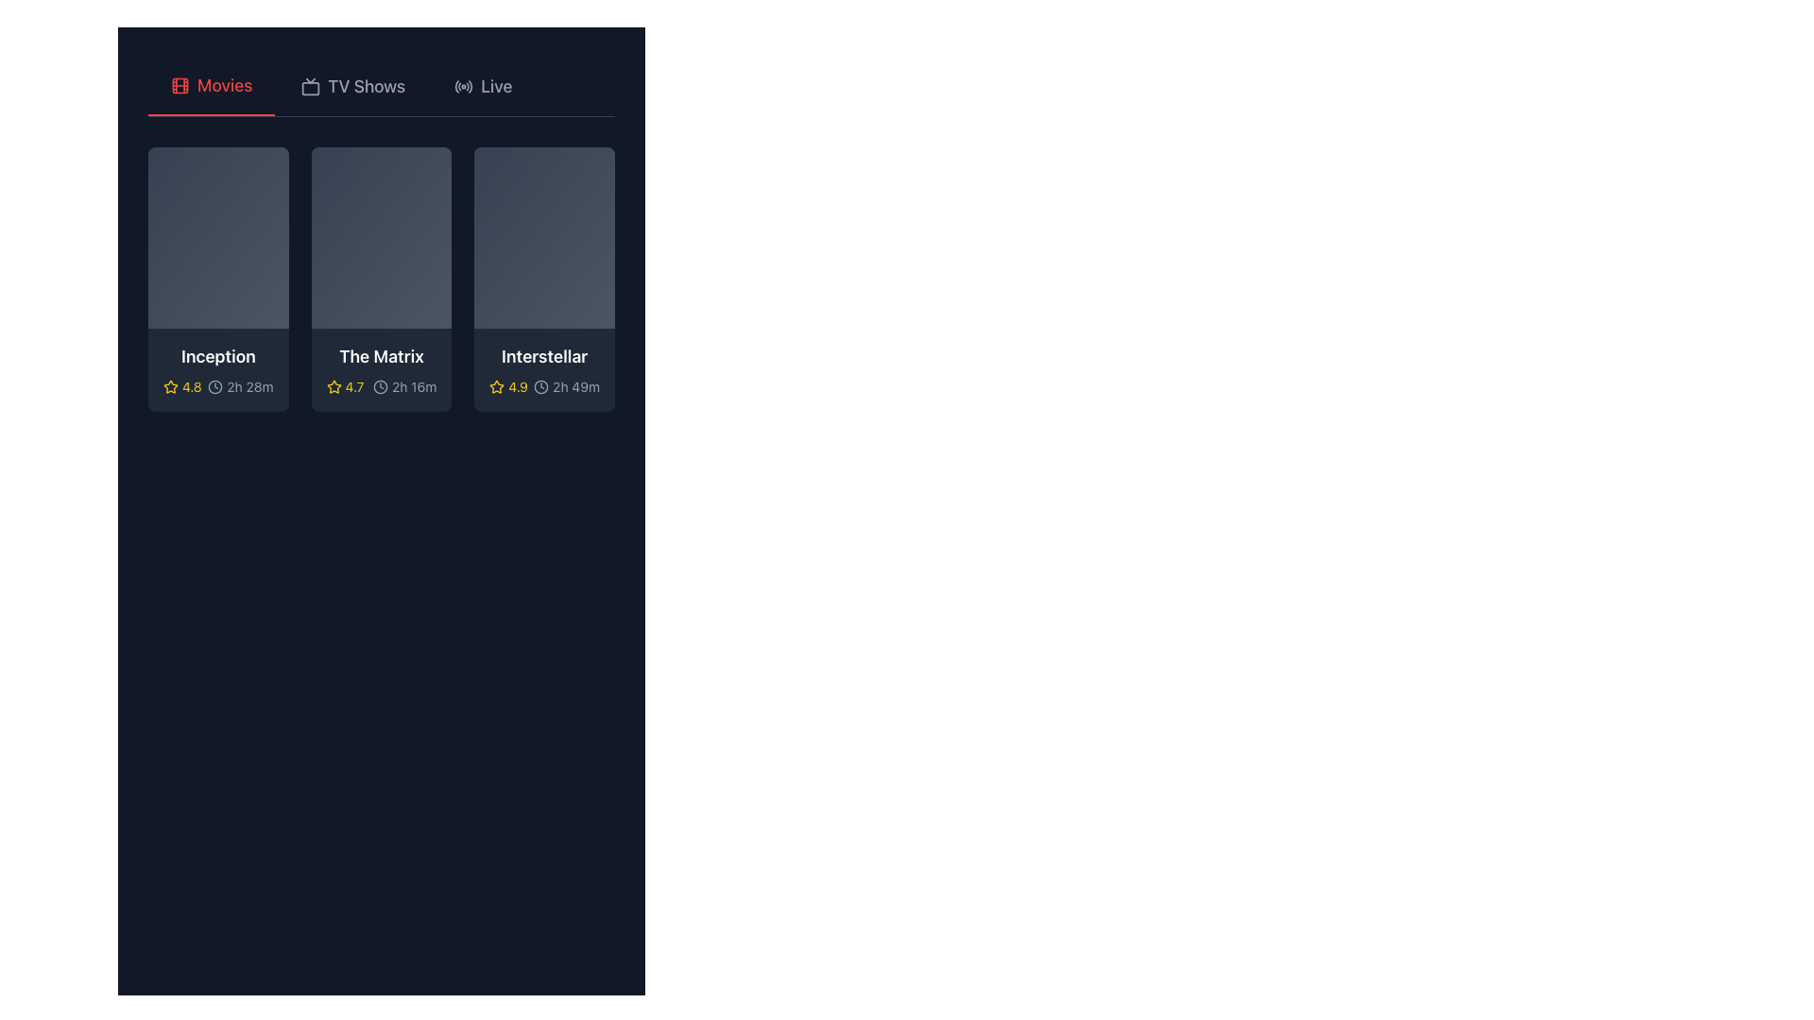  What do you see at coordinates (380, 236) in the screenshot?
I see `the central gradient-shaded rectangular area of the movie tile labeled 'The Matrix'` at bounding box center [380, 236].